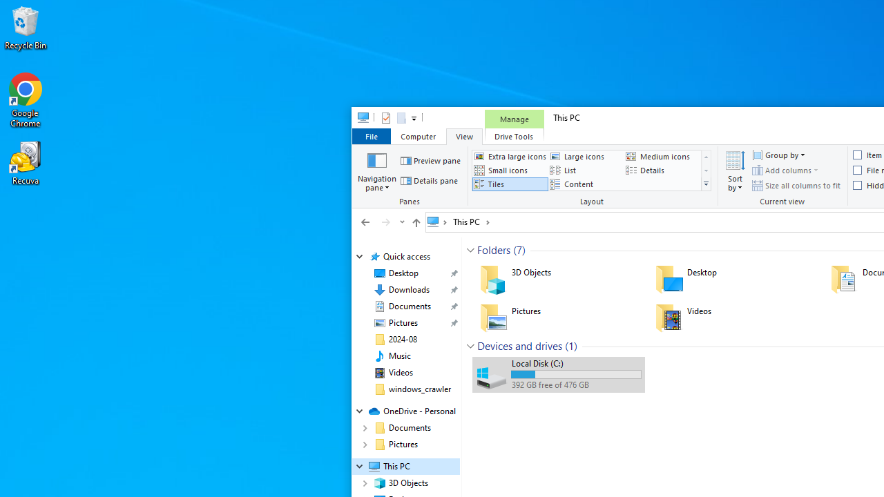 The width and height of the screenshot is (884, 497). What do you see at coordinates (778, 155) in the screenshot?
I see `'Group by'` at bounding box center [778, 155].